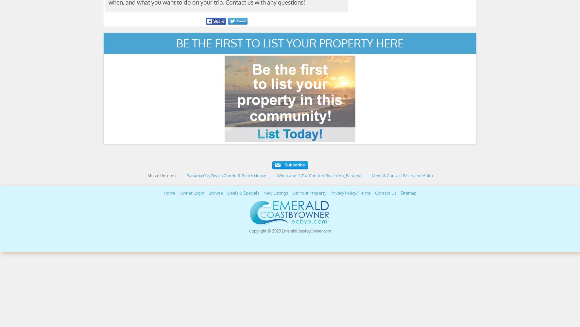  I want to click on 'Privacy Policy/ Terms', so click(350, 193).